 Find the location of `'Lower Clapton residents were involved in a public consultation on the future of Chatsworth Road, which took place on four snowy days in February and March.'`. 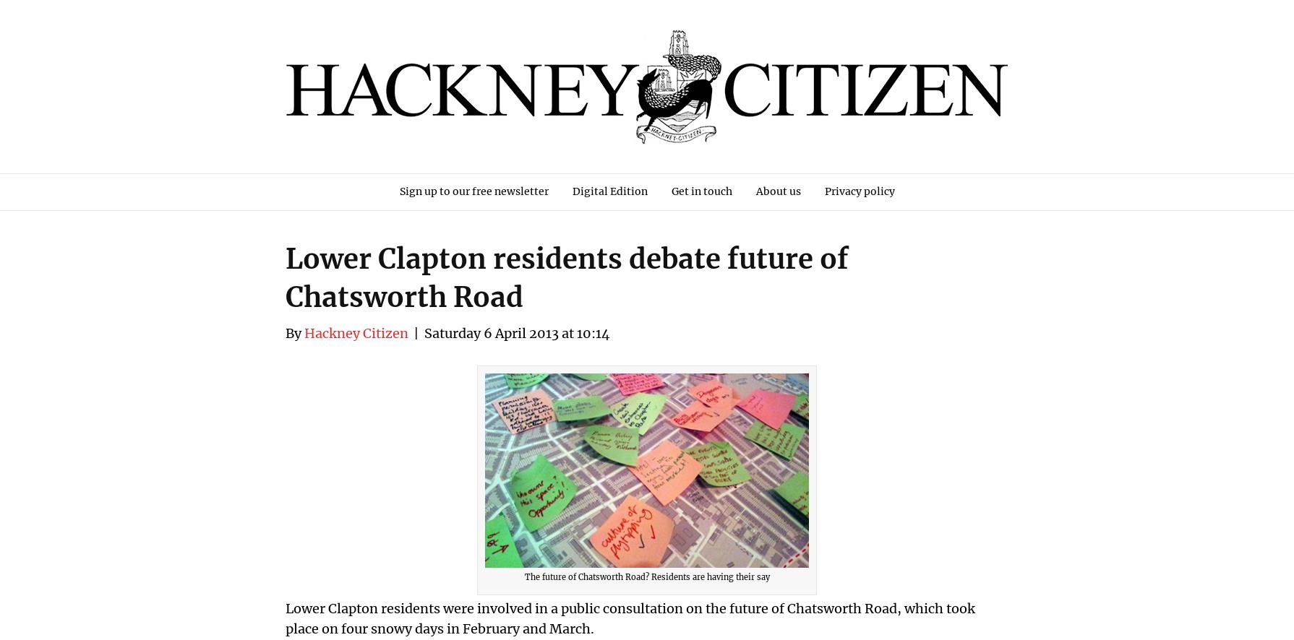

'Lower Clapton residents were involved in a public consultation on the future of Chatsworth Road, which took place on four snowy days in February and March.' is located at coordinates (630, 617).